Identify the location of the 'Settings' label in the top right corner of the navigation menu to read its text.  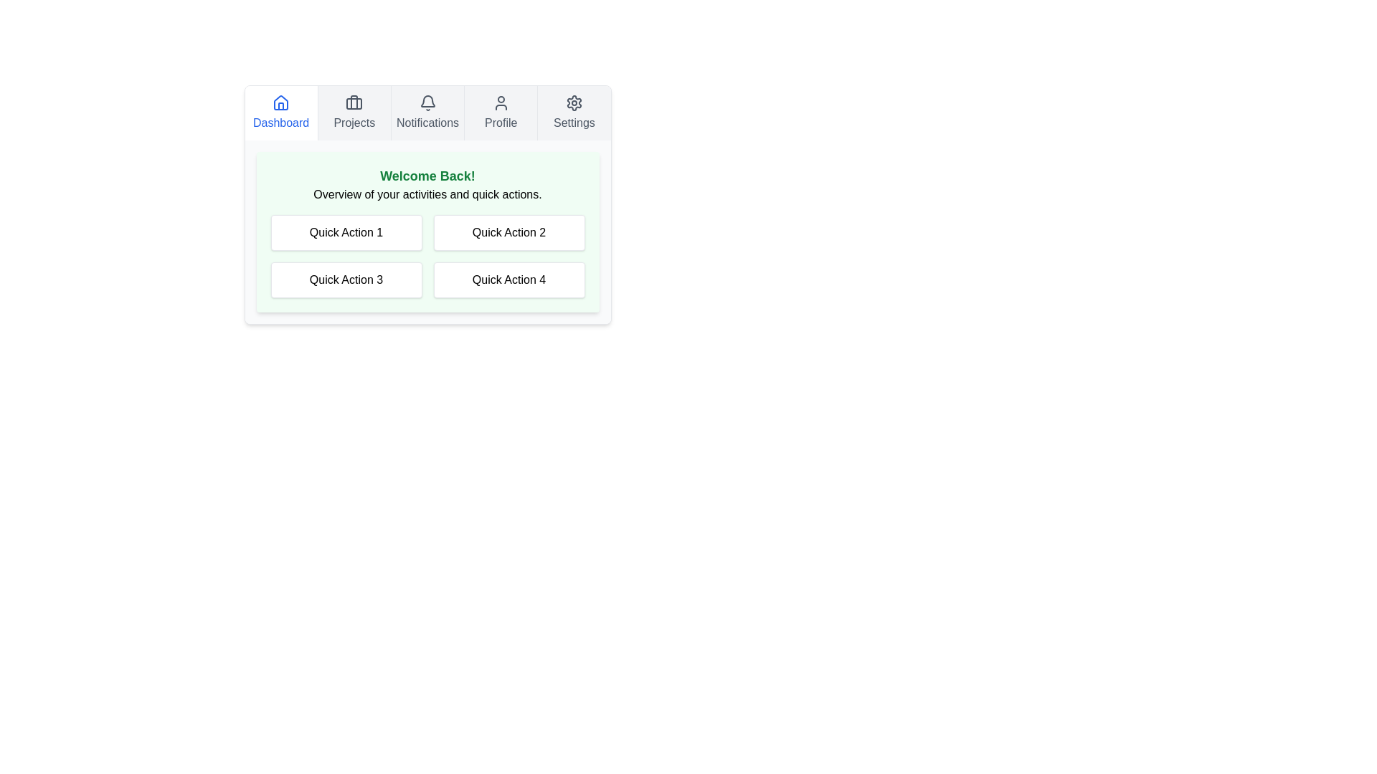
(574, 123).